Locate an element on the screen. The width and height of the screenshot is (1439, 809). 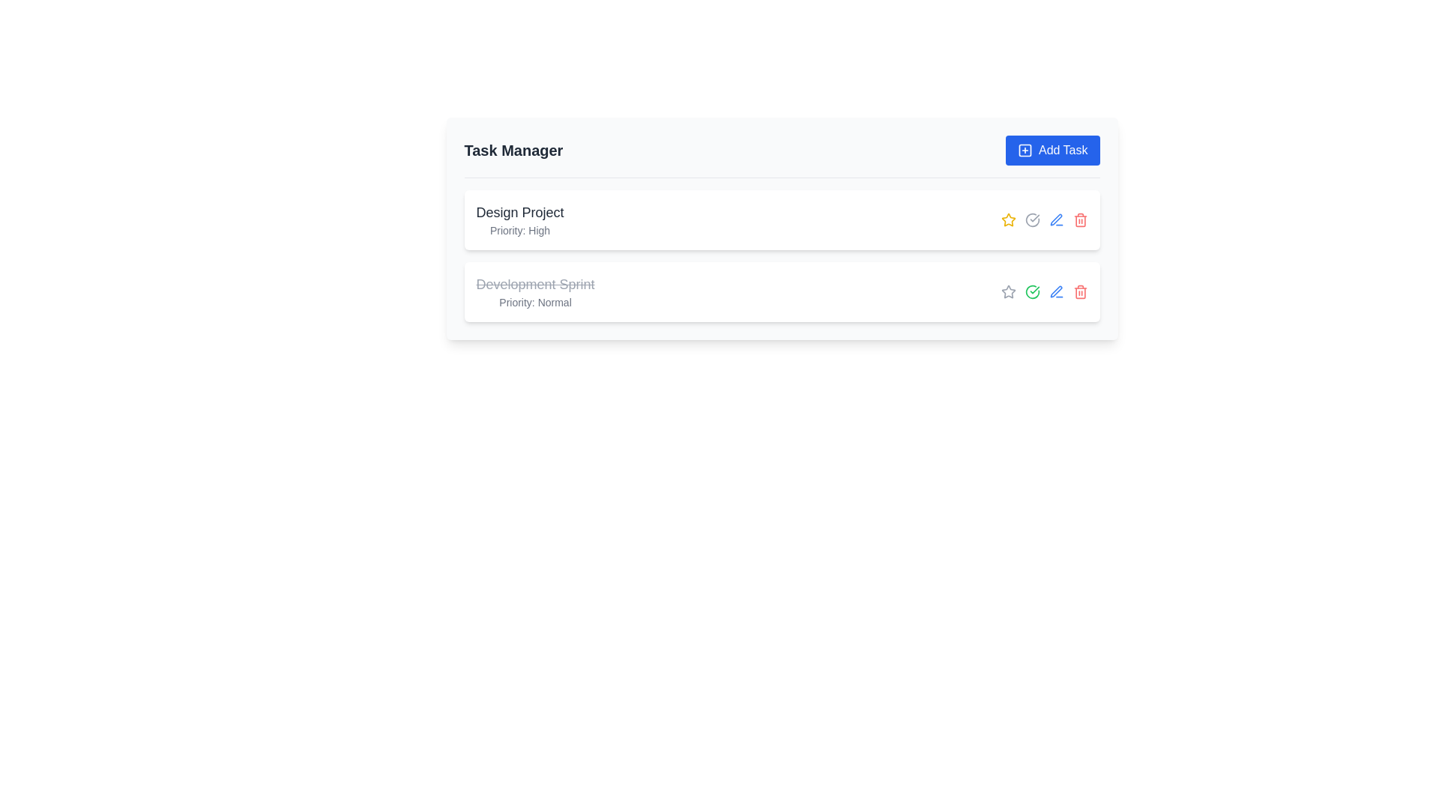
the 'Add Task' button, which is a bright blue rectangular button with a plus sign icon and the text 'Add Task', located at the top-right corner of the 'Task Manager' section is located at coordinates (1052, 150).